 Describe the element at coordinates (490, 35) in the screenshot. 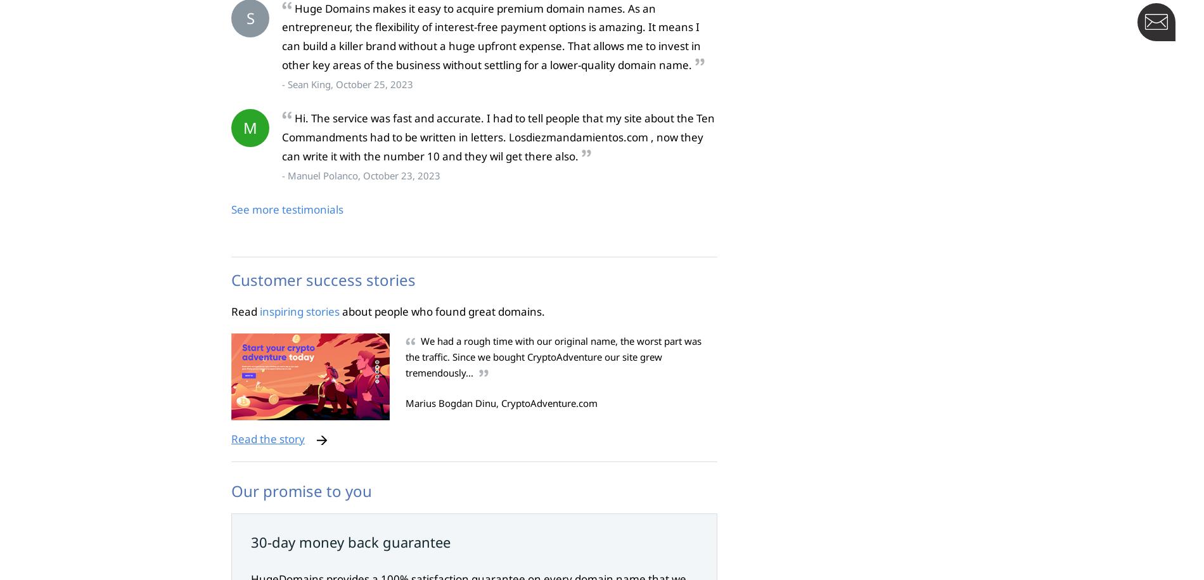

I see `'Huge Domains makes it easy to acquire premium domain names. As an entrepreneur, the flexibility of interest-free payment options is amazing. It means I can build a killer brand without a huge upfront expense. That allows me to invest in other key areas of the business without settling for a lower-quality domain name.'` at that location.